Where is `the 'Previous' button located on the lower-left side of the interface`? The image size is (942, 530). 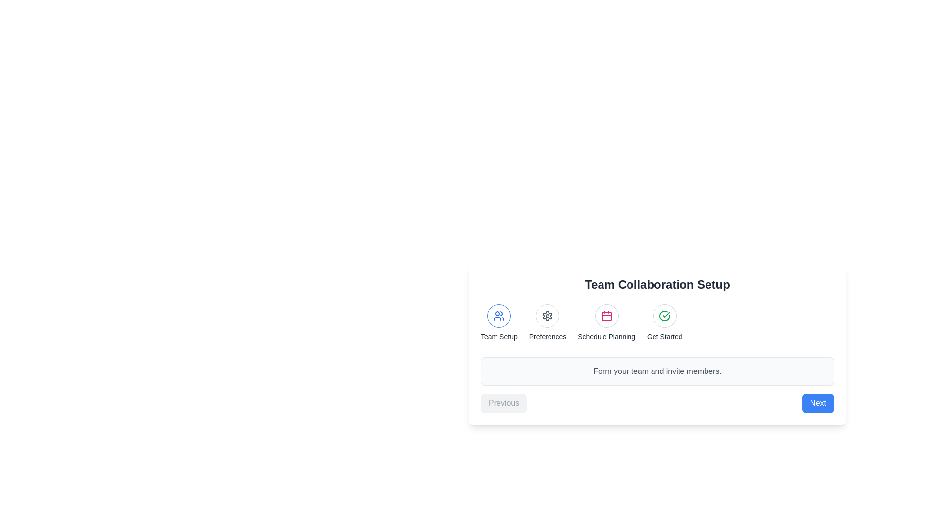
the 'Previous' button located on the lower-left side of the interface is located at coordinates (504, 403).